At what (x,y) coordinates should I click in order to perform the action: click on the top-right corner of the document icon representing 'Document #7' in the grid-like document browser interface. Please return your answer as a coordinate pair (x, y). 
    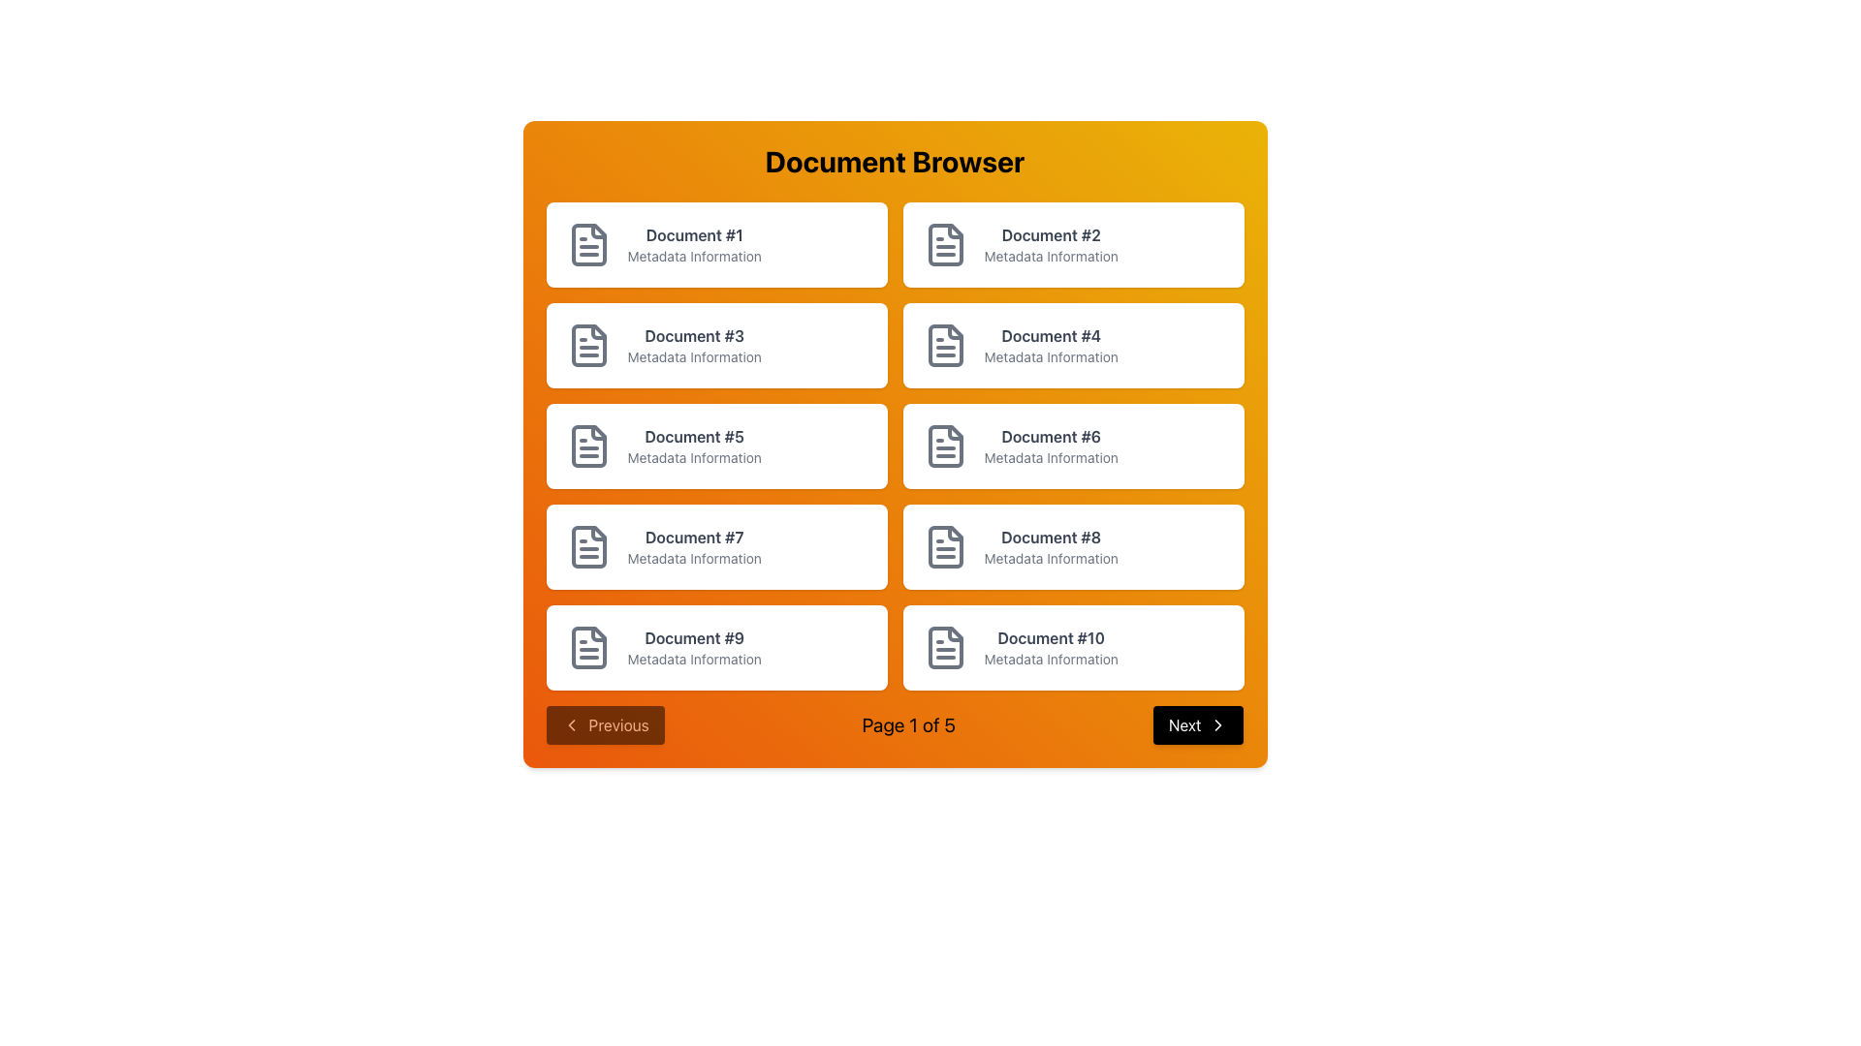
    Looking at the image, I should click on (597, 534).